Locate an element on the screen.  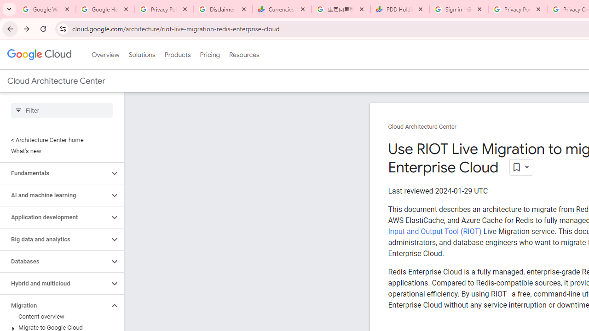
'Content overview' is located at coordinates (59, 316).